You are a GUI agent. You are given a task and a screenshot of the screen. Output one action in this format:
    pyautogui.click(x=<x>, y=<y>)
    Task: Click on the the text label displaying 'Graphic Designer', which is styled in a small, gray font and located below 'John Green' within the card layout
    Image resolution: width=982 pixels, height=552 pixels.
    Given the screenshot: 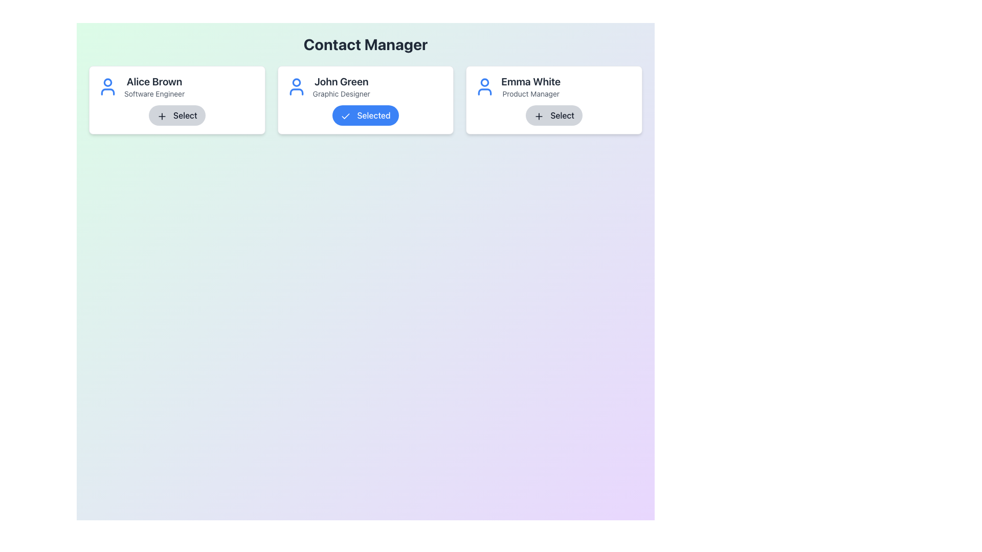 What is the action you would take?
    pyautogui.click(x=341, y=94)
    